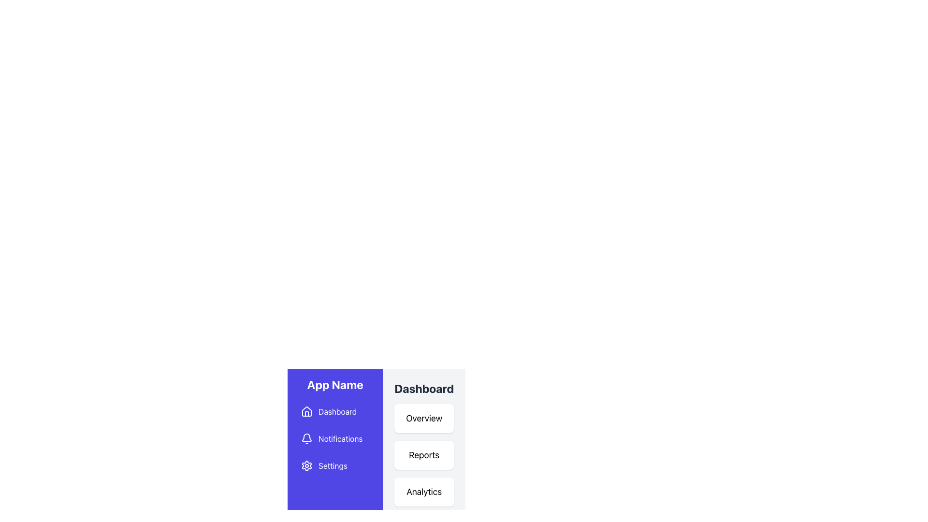  Describe the element at coordinates (306, 465) in the screenshot. I see `the gear icon with a purple background, located to the left of the 'Settings' label in the sidebar` at that location.